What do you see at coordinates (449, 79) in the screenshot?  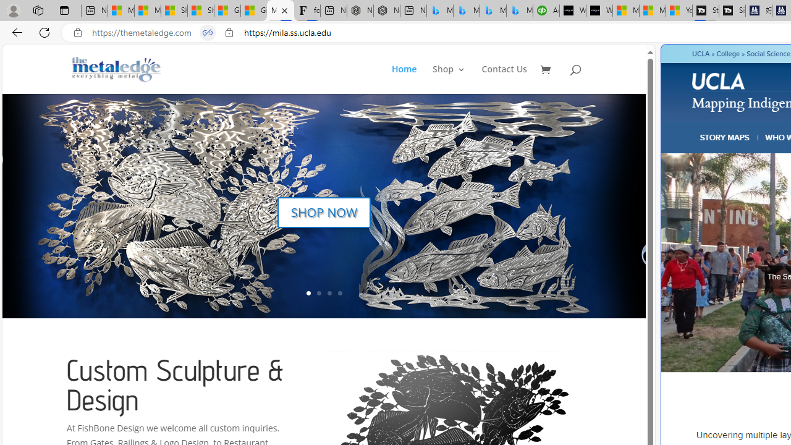 I see `'Shop 3'` at bounding box center [449, 79].